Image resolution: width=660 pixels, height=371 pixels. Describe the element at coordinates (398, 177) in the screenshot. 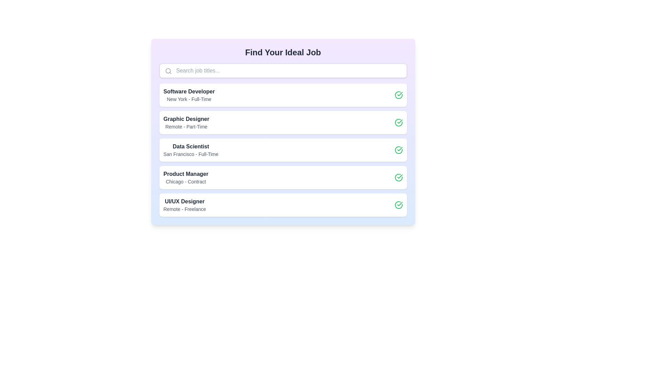

I see `the status of the circular icon with a green checkmark located in the far right corner of the row labeled 'Product Manager, Chicago - Contract'` at that location.